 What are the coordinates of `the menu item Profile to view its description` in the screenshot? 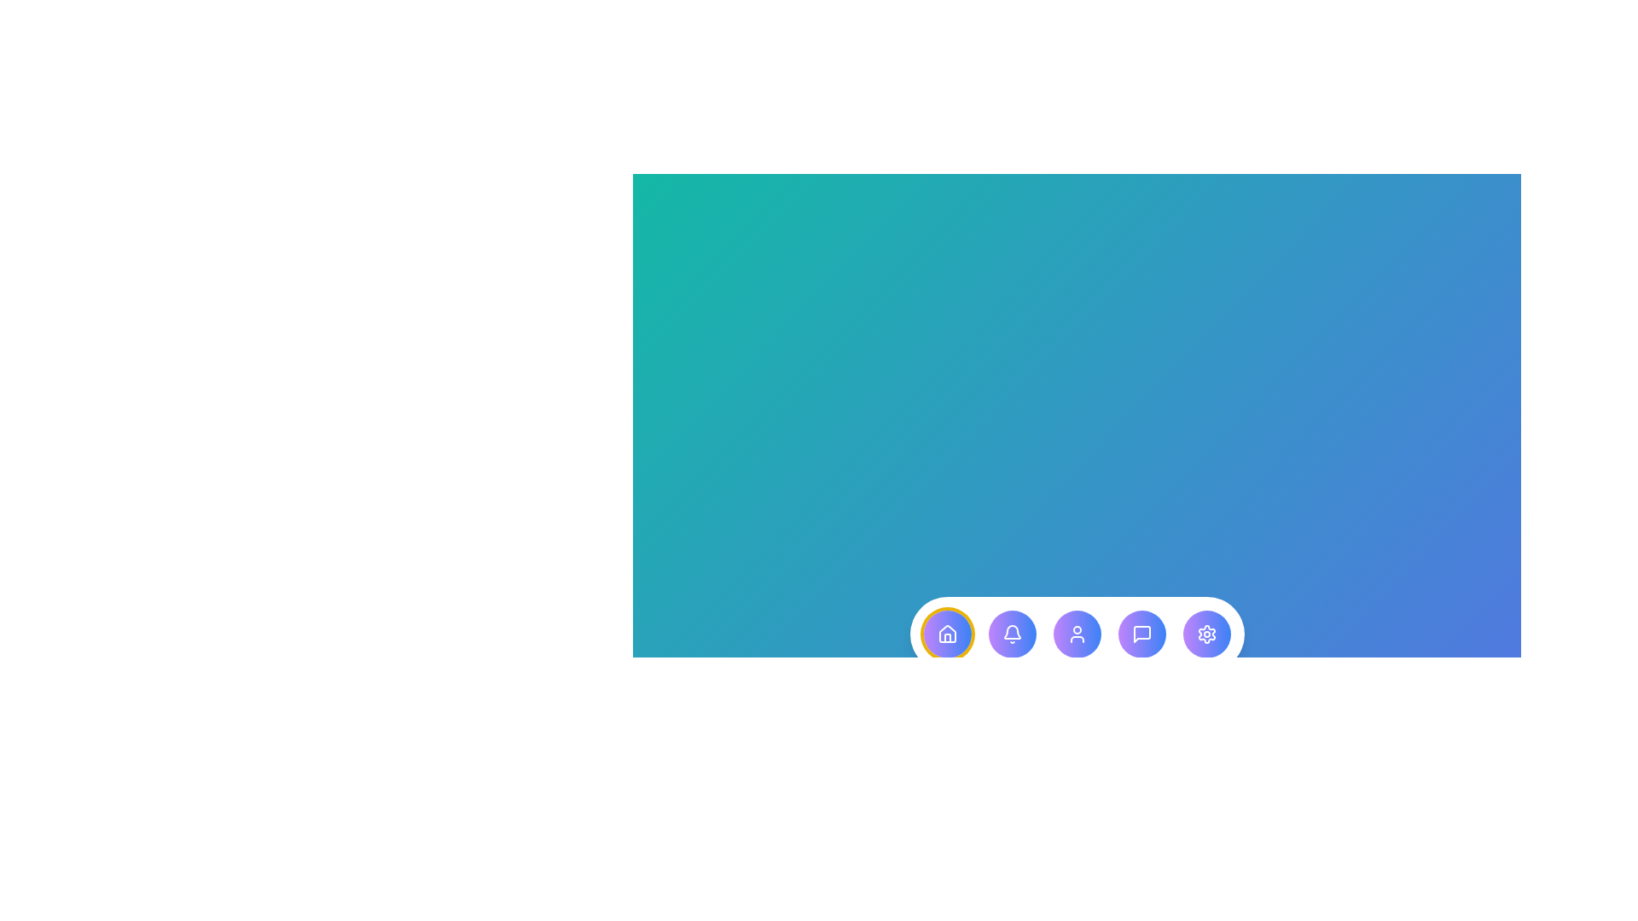 It's located at (1076, 634).